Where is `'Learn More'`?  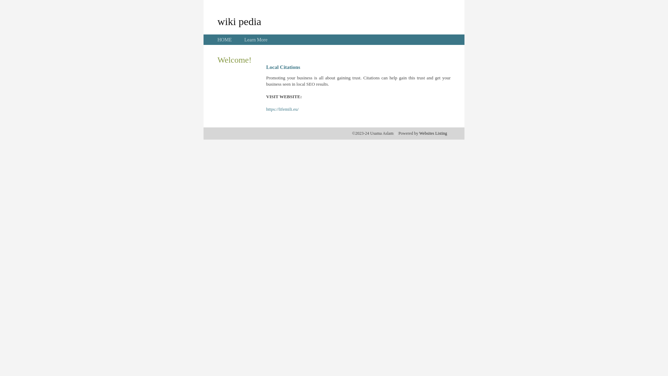
'Learn More' is located at coordinates (244, 40).